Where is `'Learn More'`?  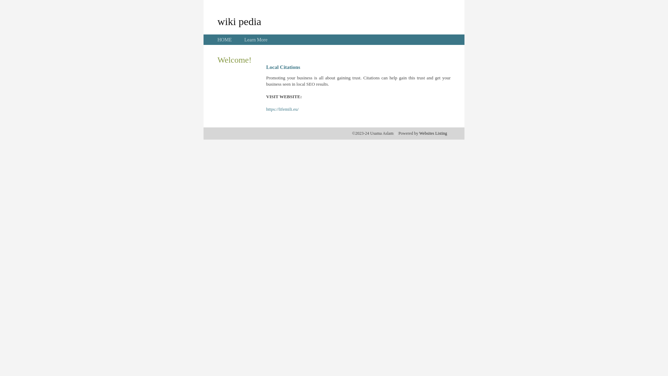
'Learn More' is located at coordinates (244, 40).